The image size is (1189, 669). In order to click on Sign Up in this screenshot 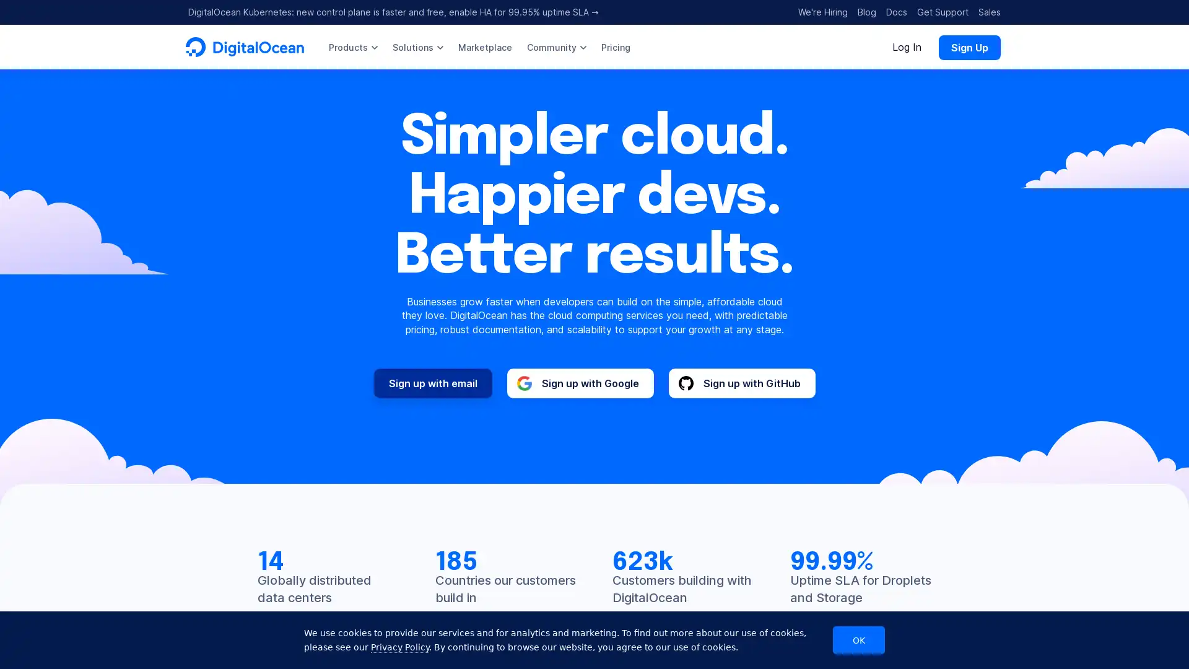, I will do `click(969, 46)`.